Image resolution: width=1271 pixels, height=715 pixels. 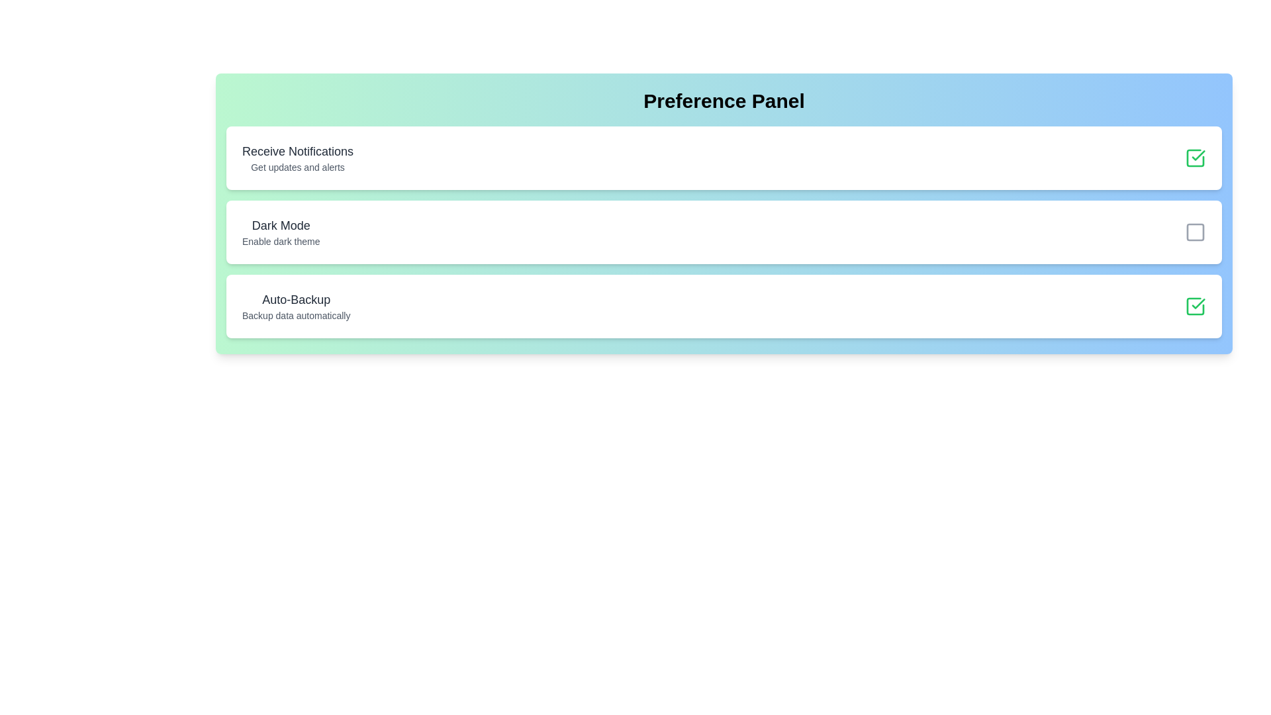 What do you see at coordinates (295, 316) in the screenshot?
I see `the descriptive subtitle text label for the 'Auto-Backup' preference option located directly below the main title 'Auto-Backup'` at bounding box center [295, 316].